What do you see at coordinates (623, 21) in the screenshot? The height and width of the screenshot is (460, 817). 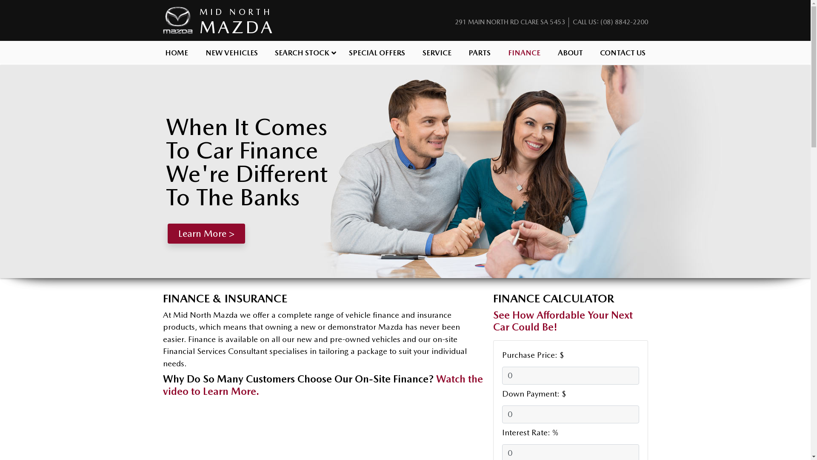 I see `'(08) 8842-2200'` at bounding box center [623, 21].